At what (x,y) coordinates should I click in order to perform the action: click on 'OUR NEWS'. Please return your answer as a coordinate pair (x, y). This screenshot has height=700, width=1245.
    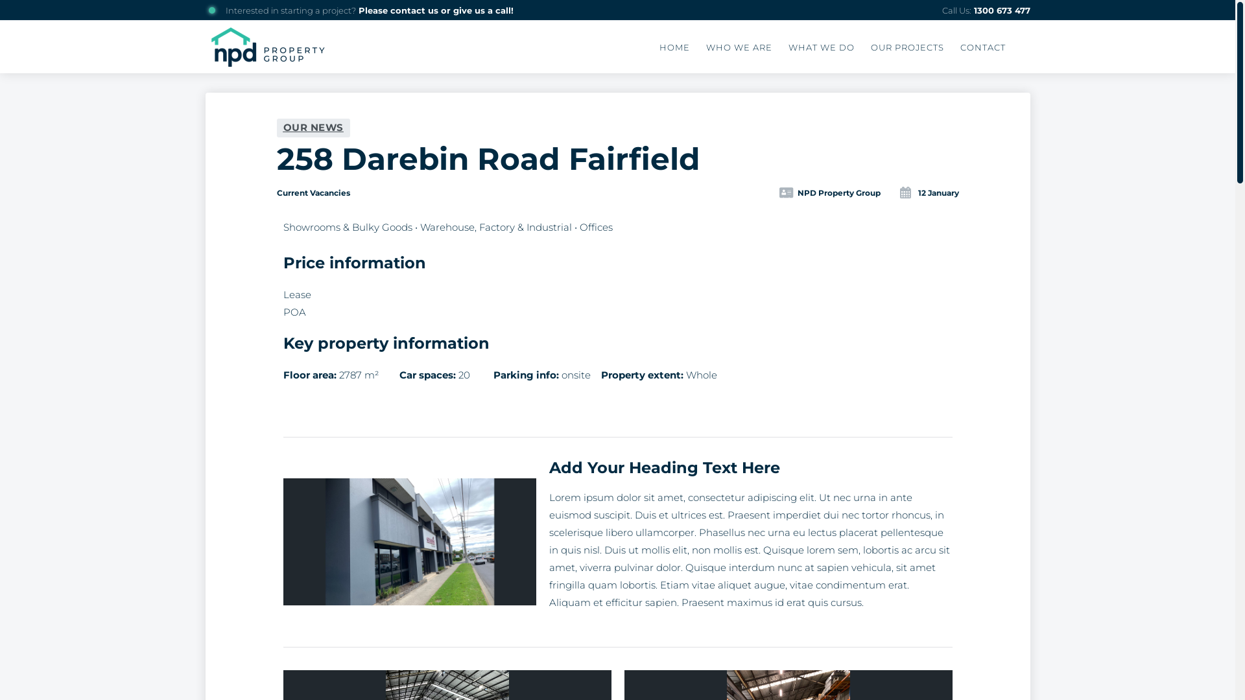
    Looking at the image, I should click on (313, 128).